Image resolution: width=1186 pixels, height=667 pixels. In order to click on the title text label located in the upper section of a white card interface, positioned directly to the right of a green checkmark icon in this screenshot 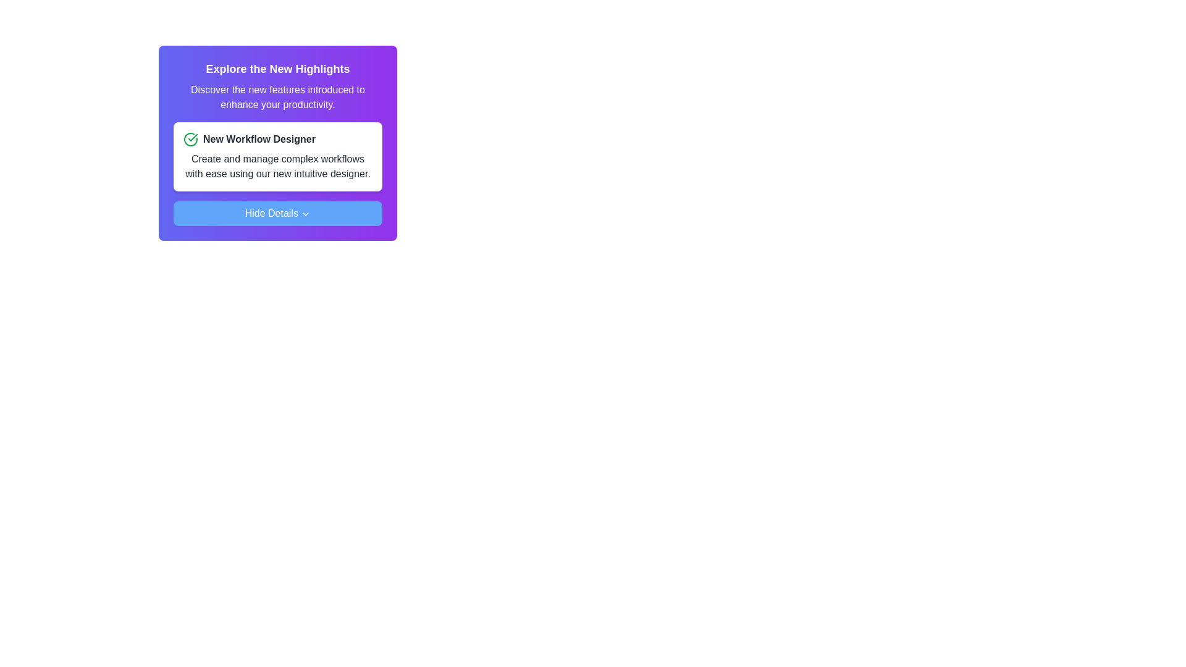, I will do `click(258, 139)`.